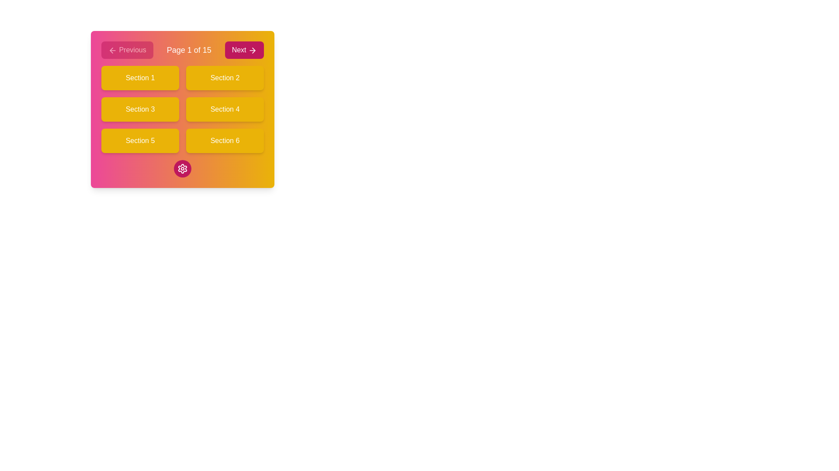 This screenshot has width=839, height=471. What do you see at coordinates (225, 109) in the screenshot?
I see `the button that serves as a link to 'Section 4' to change its background color` at bounding box center [225, 109].